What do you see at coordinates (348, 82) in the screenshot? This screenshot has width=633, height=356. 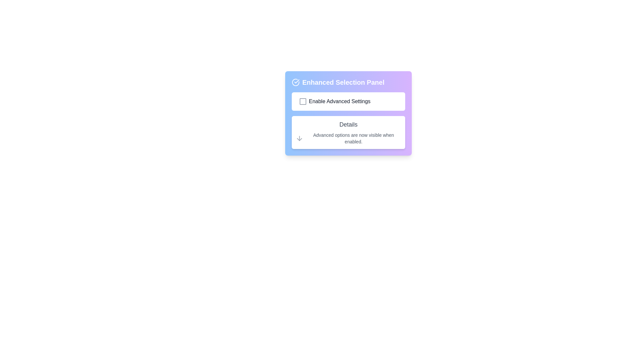 I see `the heading 'Enhanced Selection Panel' which features a bold title in white on a gradient background from blue to purple, accompanied by a circular check icon on the left` at bounding box center [348, 82].